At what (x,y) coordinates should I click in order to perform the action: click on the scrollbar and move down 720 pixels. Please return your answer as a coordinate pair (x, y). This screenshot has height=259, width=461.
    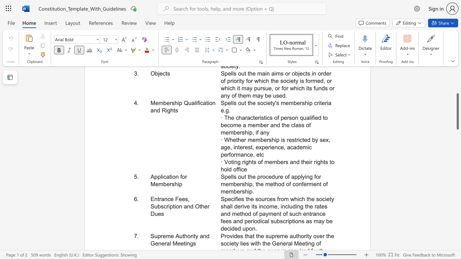
    Looking at the image, I should click on (457, 111).